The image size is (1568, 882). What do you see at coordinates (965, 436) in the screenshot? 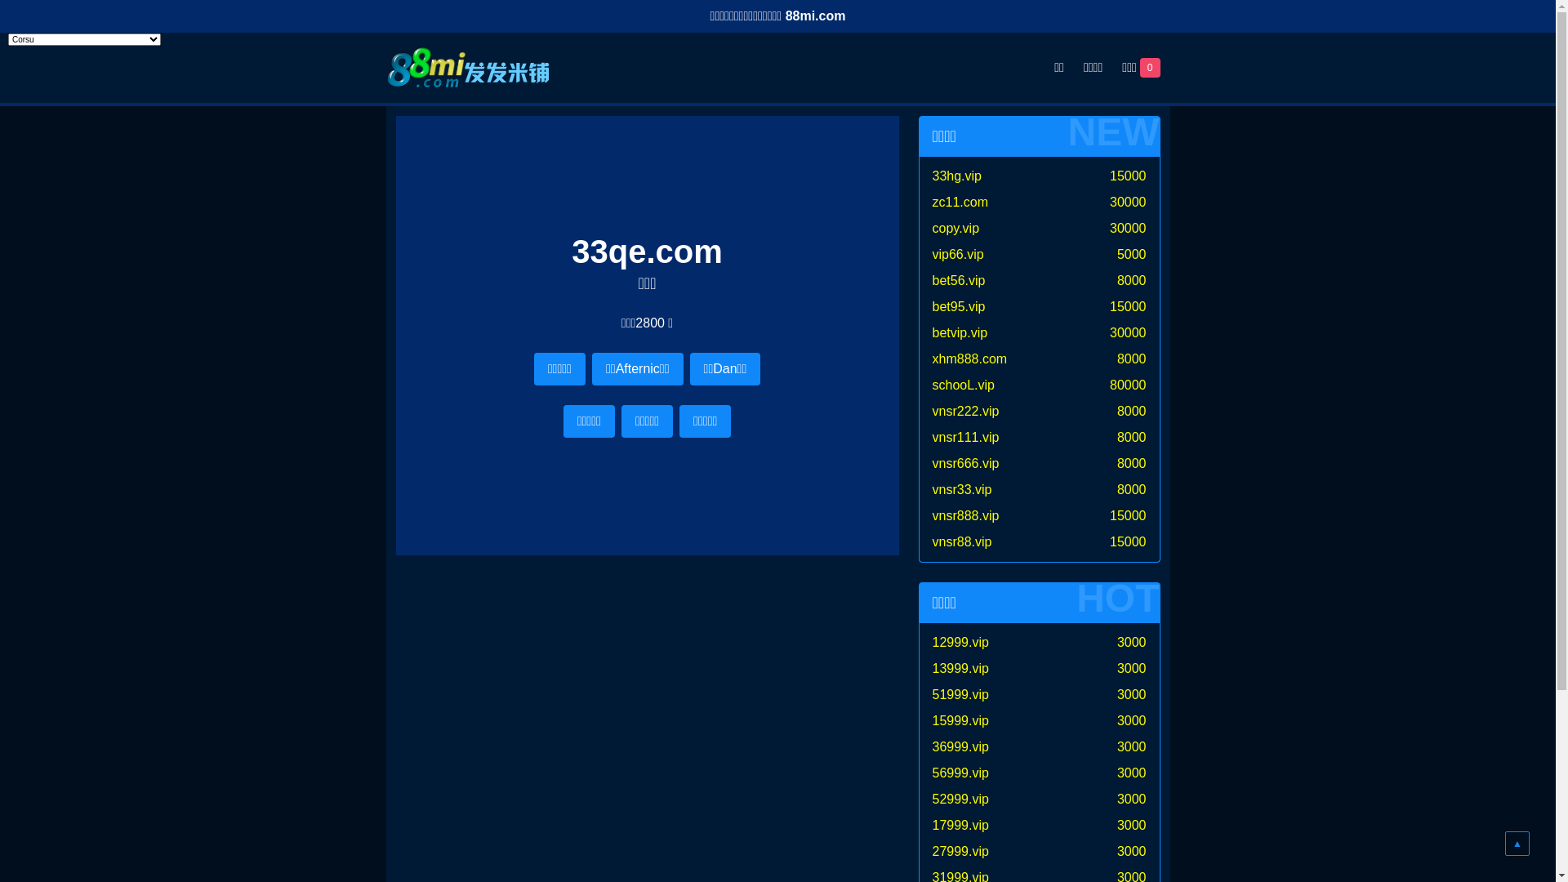
I see `'vnsr111.vip'` at bounding box center [965, 436].